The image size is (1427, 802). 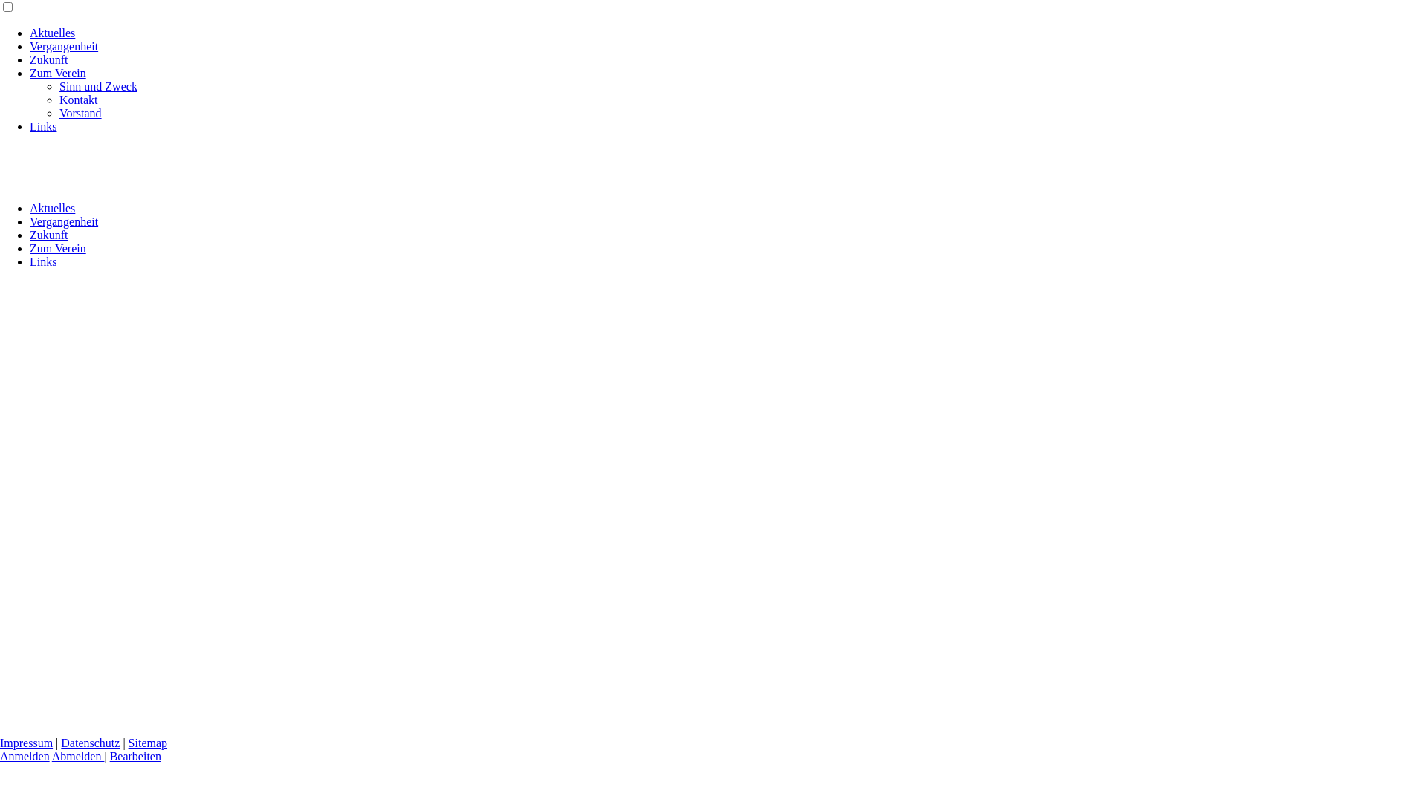 I want to click on 'Sinn und Zweck', so click(x=97, y=86).